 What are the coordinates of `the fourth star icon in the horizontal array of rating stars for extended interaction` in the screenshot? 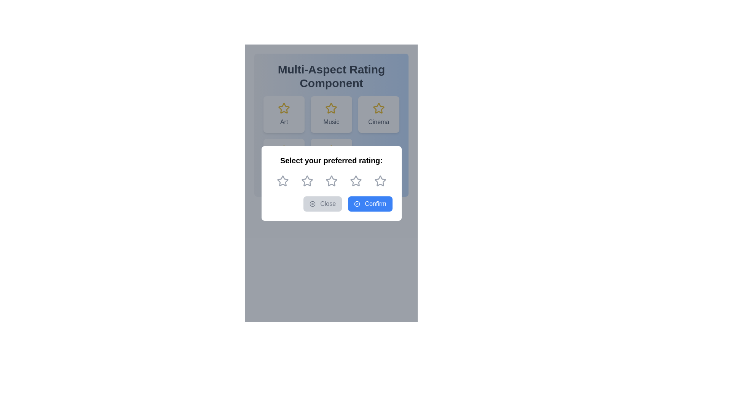 It's located at (355, 181).